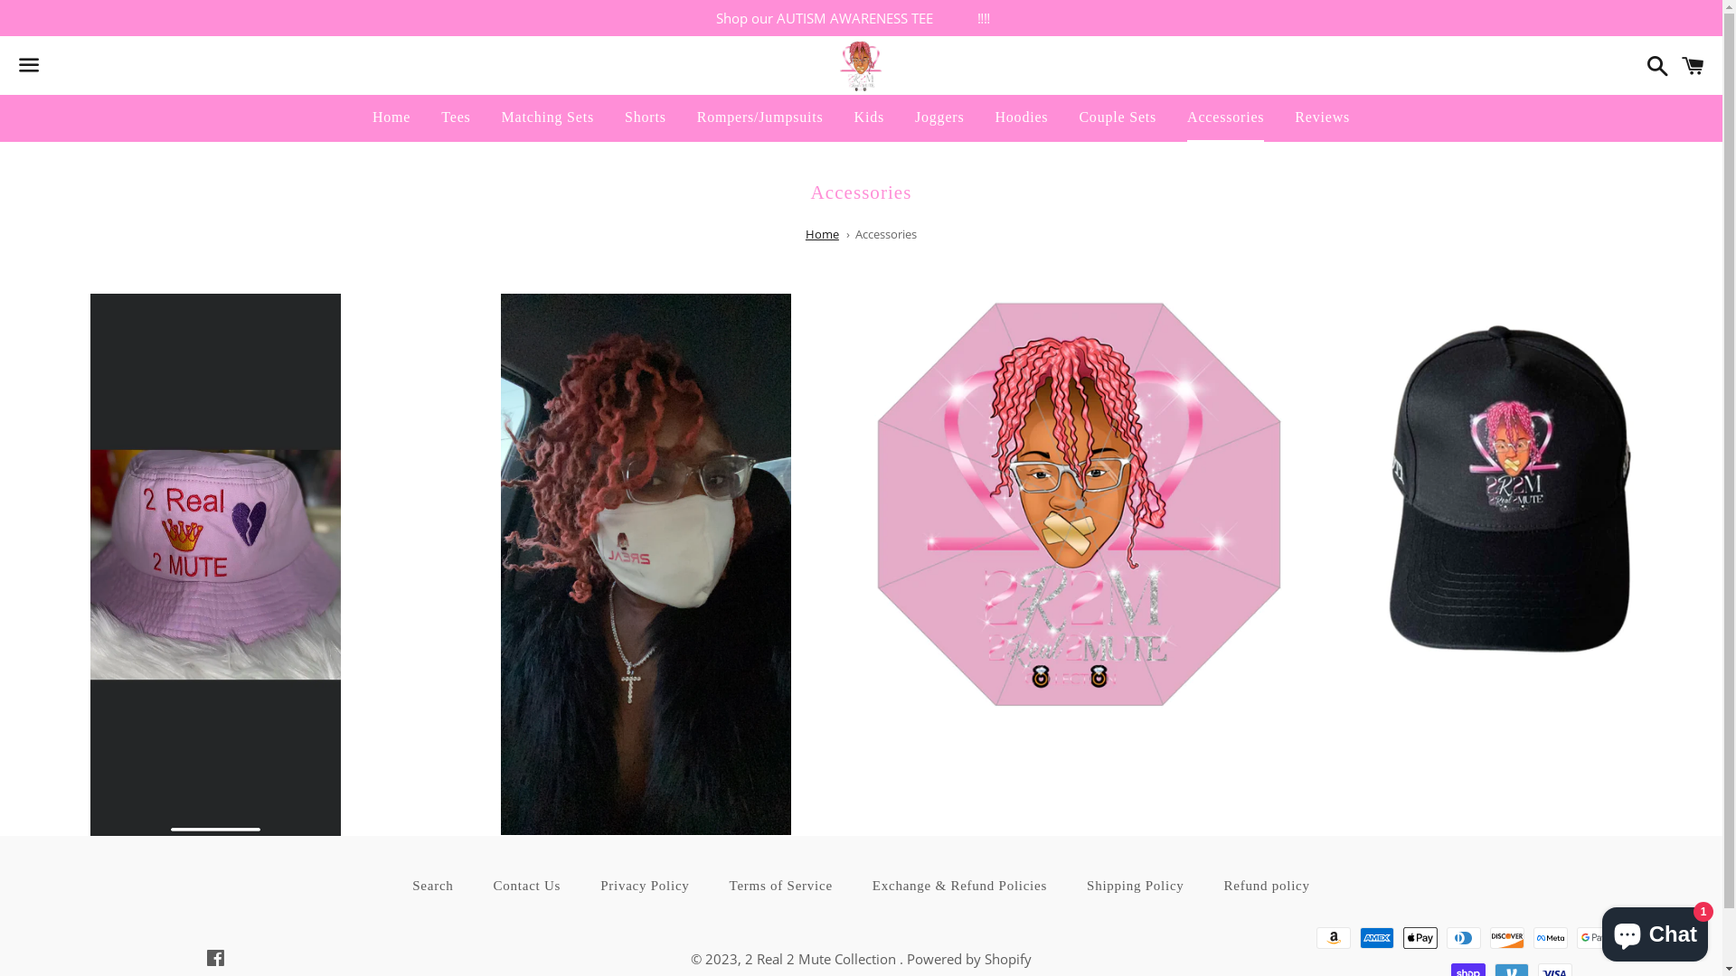 The height and width of the screenshot is (976, 1736). Describe the element at coordinates (958, 885) in the screenshot. I see `'Exchange & Refund Policies'` at that location.